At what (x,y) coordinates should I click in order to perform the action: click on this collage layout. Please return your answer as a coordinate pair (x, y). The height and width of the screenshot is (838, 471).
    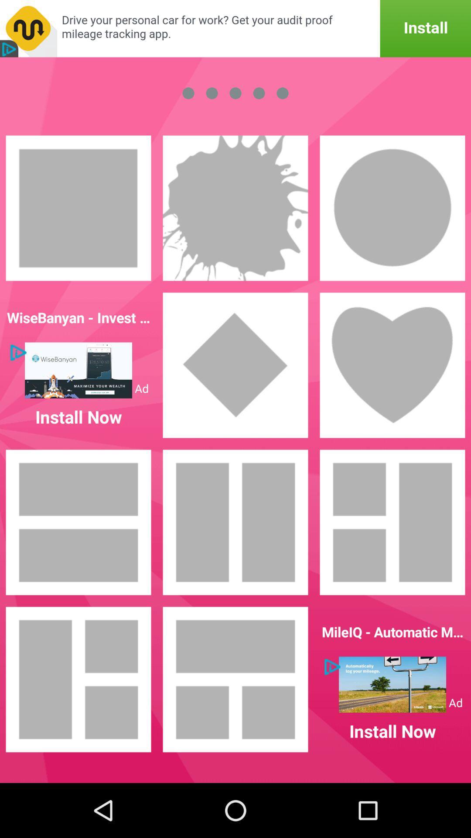
    Looking at the image, I should click on (235, 679).